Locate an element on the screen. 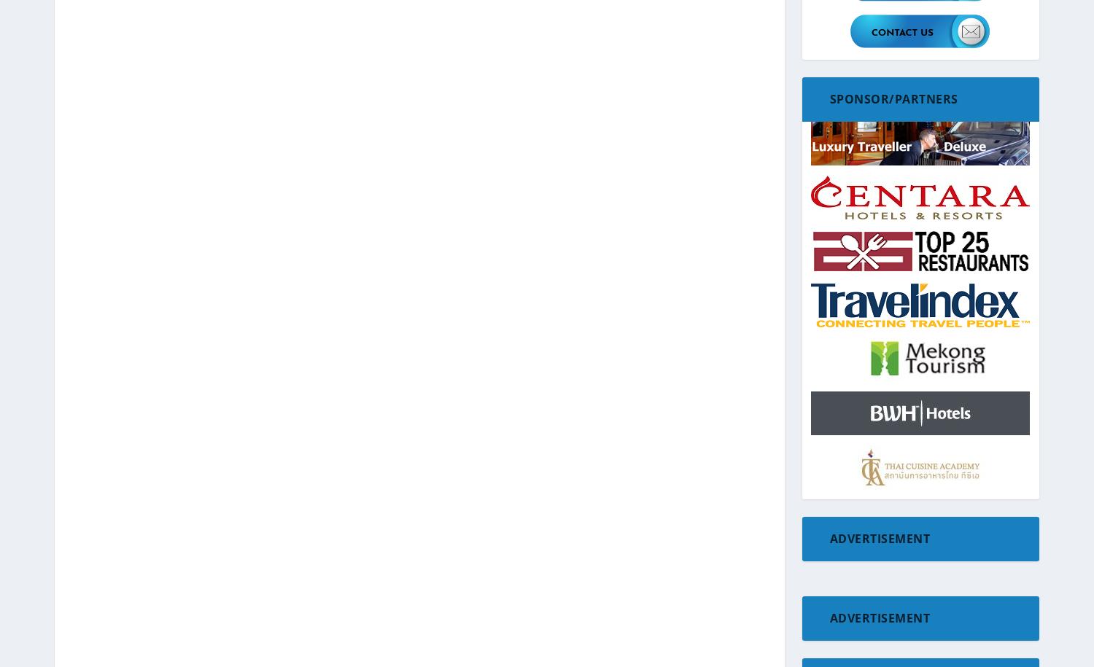 This screenshot has height=667, width=1094. 'Food & Beverage' is located at coordinates (852, 308).